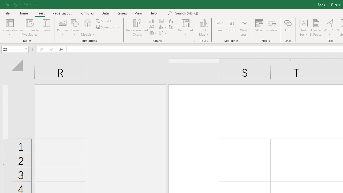 Image resolution: width=343 pixels, height=193 pixels. Describe the element at coordinates (186, 23) in the screenshot. I see `'PivotChart'` at that location.